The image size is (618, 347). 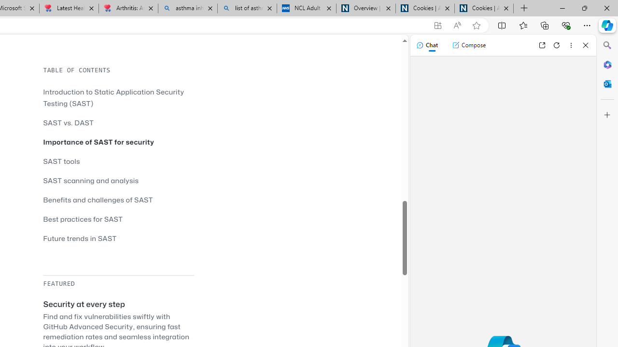 What do you see at coordinates (113, 97) in the screenshot?
I see `'Introduction to Static Application Security Testing (SAST)'` at bounding box center [113, 97].